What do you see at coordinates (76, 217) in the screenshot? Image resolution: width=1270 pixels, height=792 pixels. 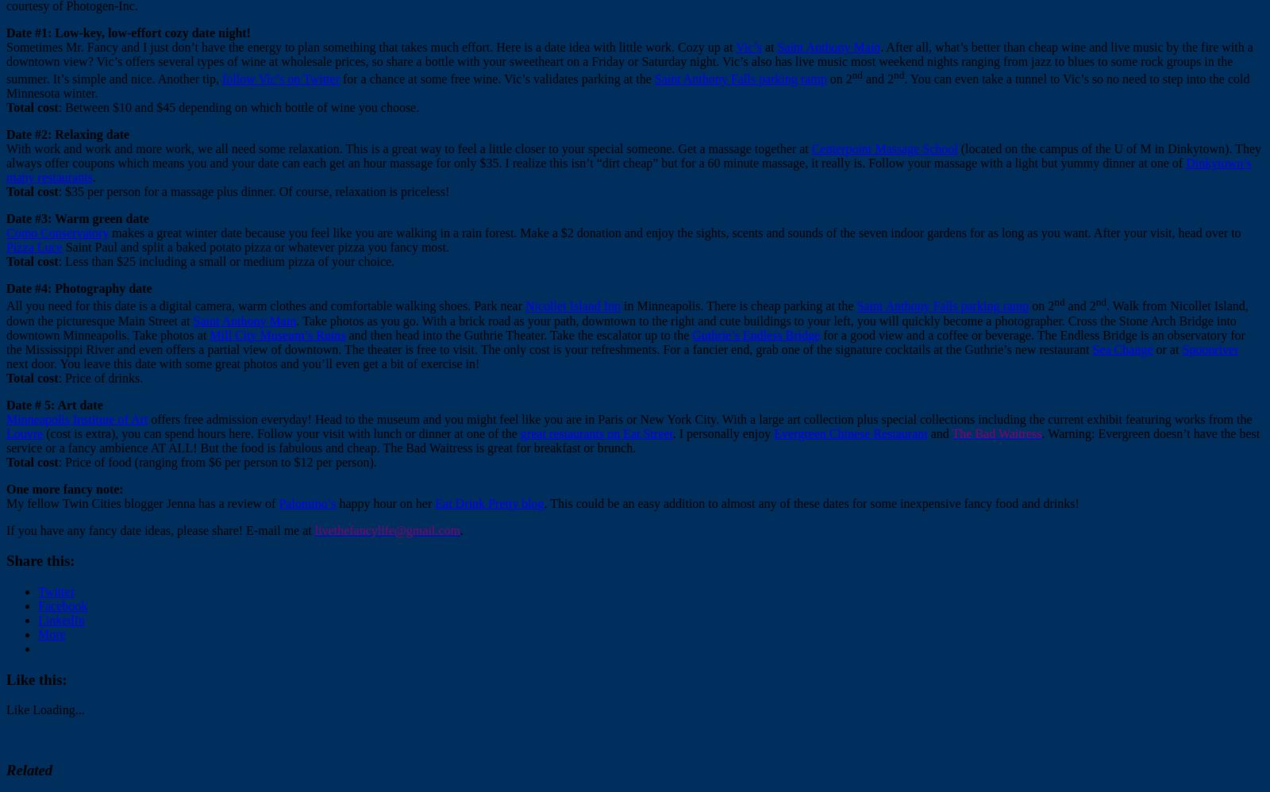 I see `'Date #3: Warm green date'` at bounding box center [76, 217].